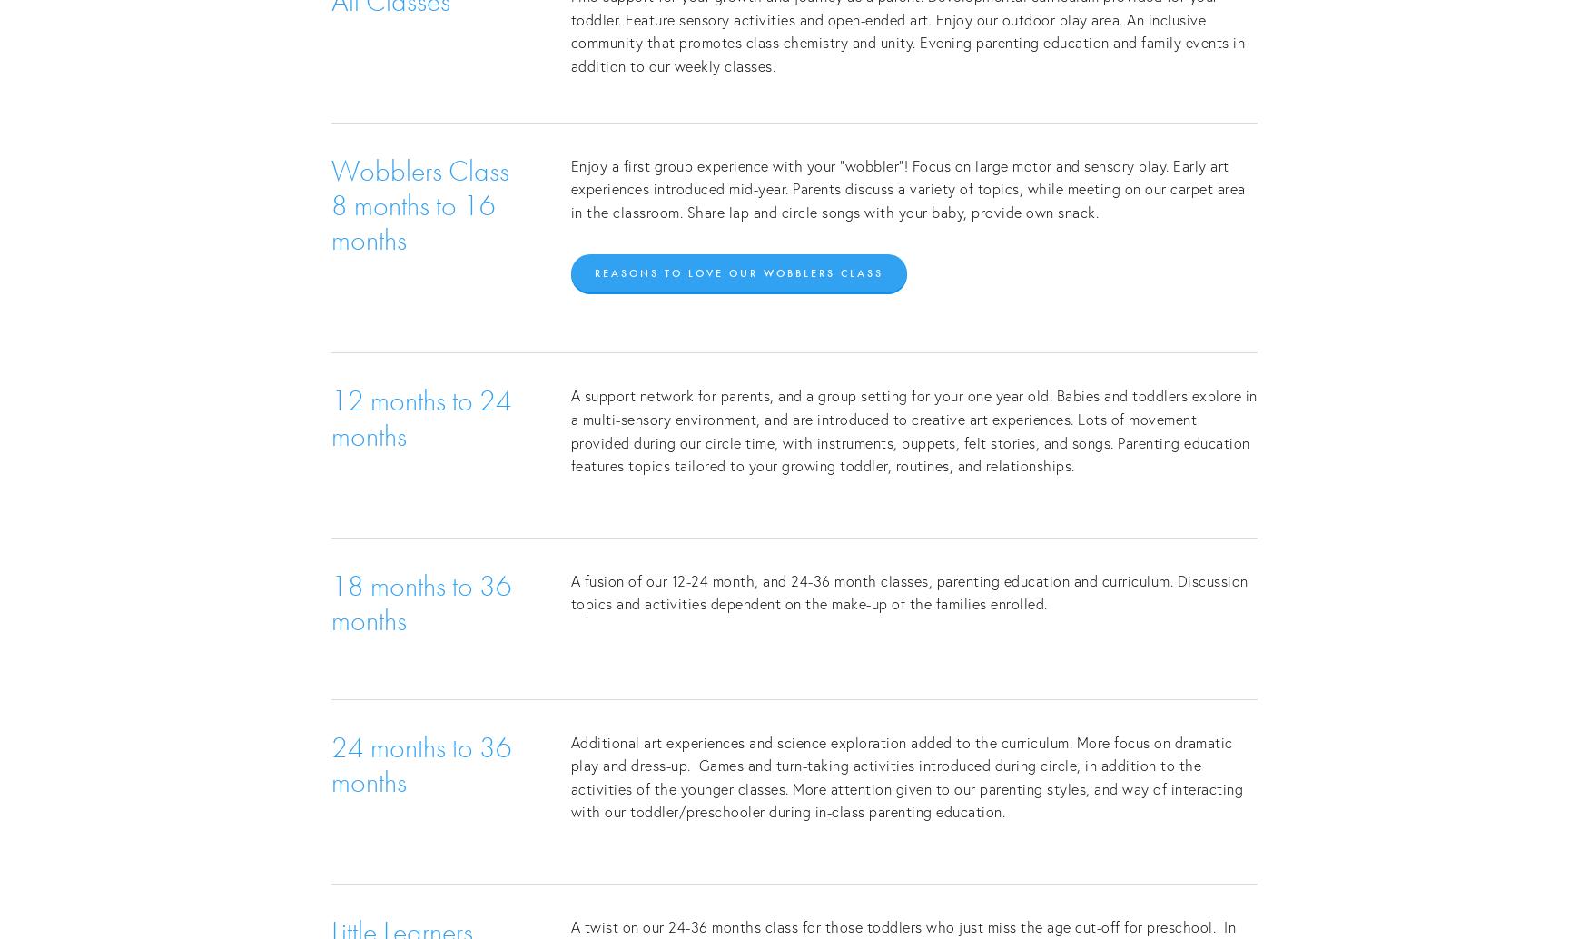 The width and height of the screenshot is (1589, 939). What do you see at coordinates (569, 429) in the screenshot?
I see `'A support network for parents, and a group setting for your one year old. Babies and toddlers explore in a multi-sensory environment, and are introduced to creative art experiences. Lots of movement provided during our circle time, with instruments, puppets, felt stories, and songs. Parenting education features topics tailored to your growing toddler, routines, and relationships.'` at bounding box center [569, 429].